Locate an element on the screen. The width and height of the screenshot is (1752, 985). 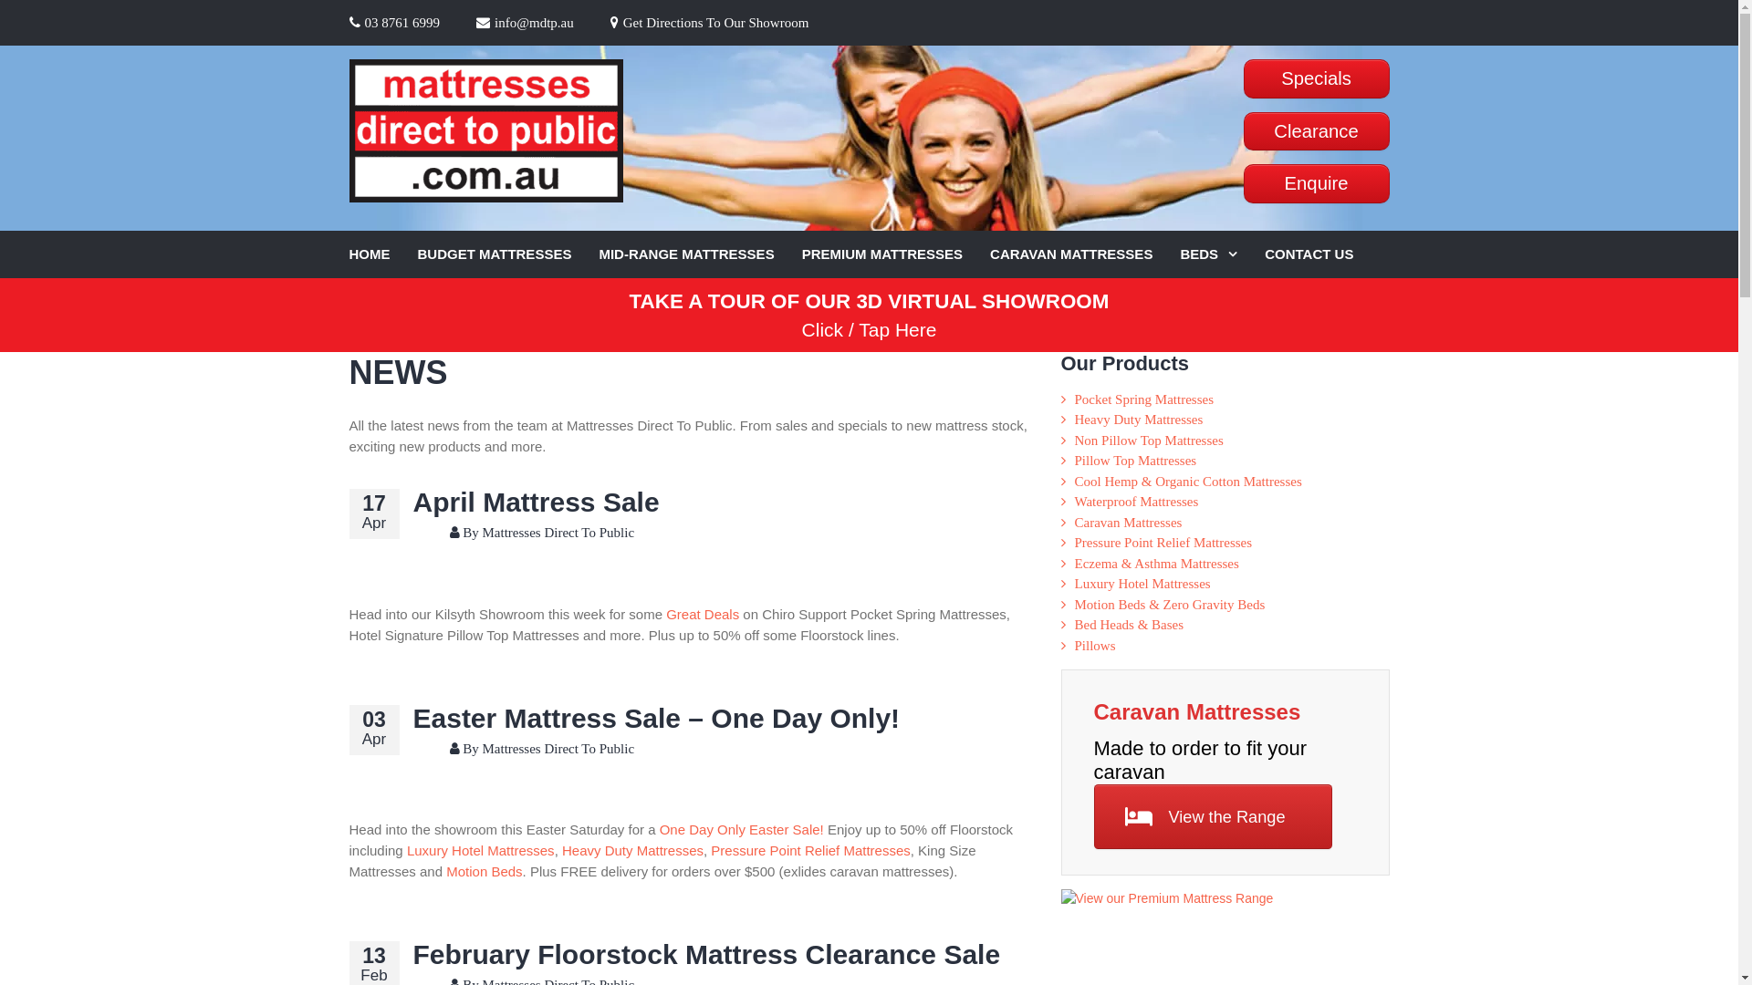
'MID-RANGE MATTRESSES' is located at coordinates (699, 254).